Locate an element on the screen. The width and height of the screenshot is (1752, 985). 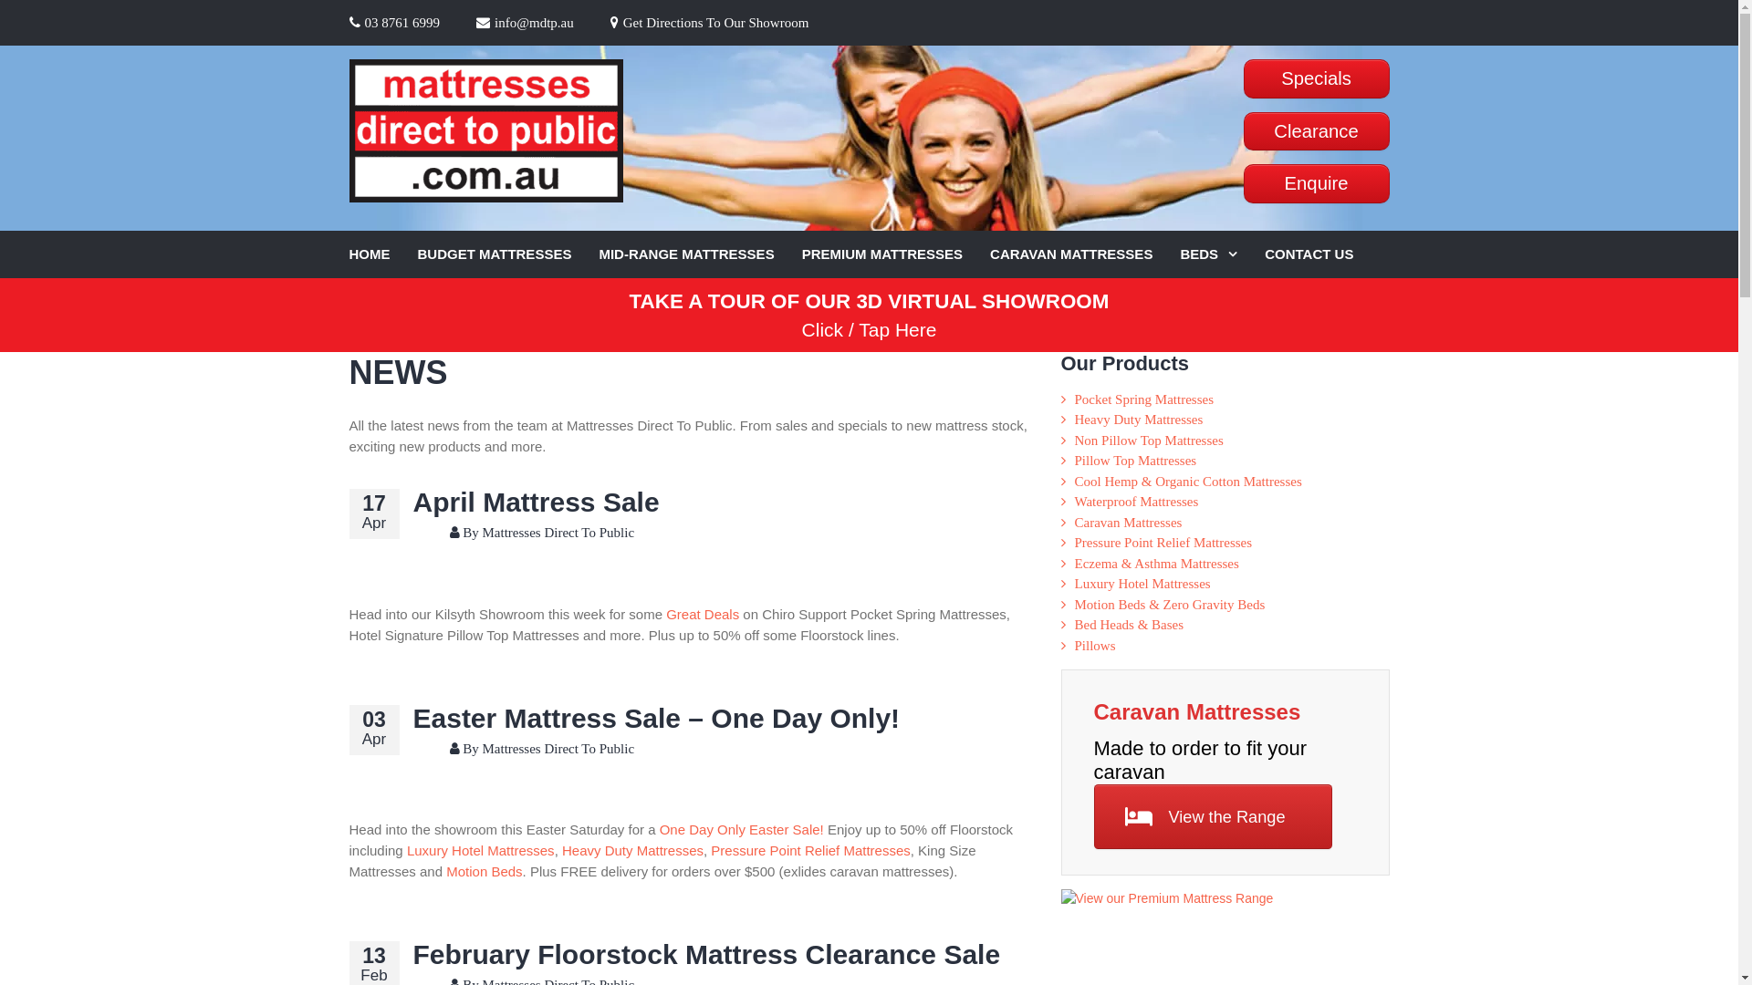
'MID-RANGE MATTRESSES' is located at coordinates (699, 254).